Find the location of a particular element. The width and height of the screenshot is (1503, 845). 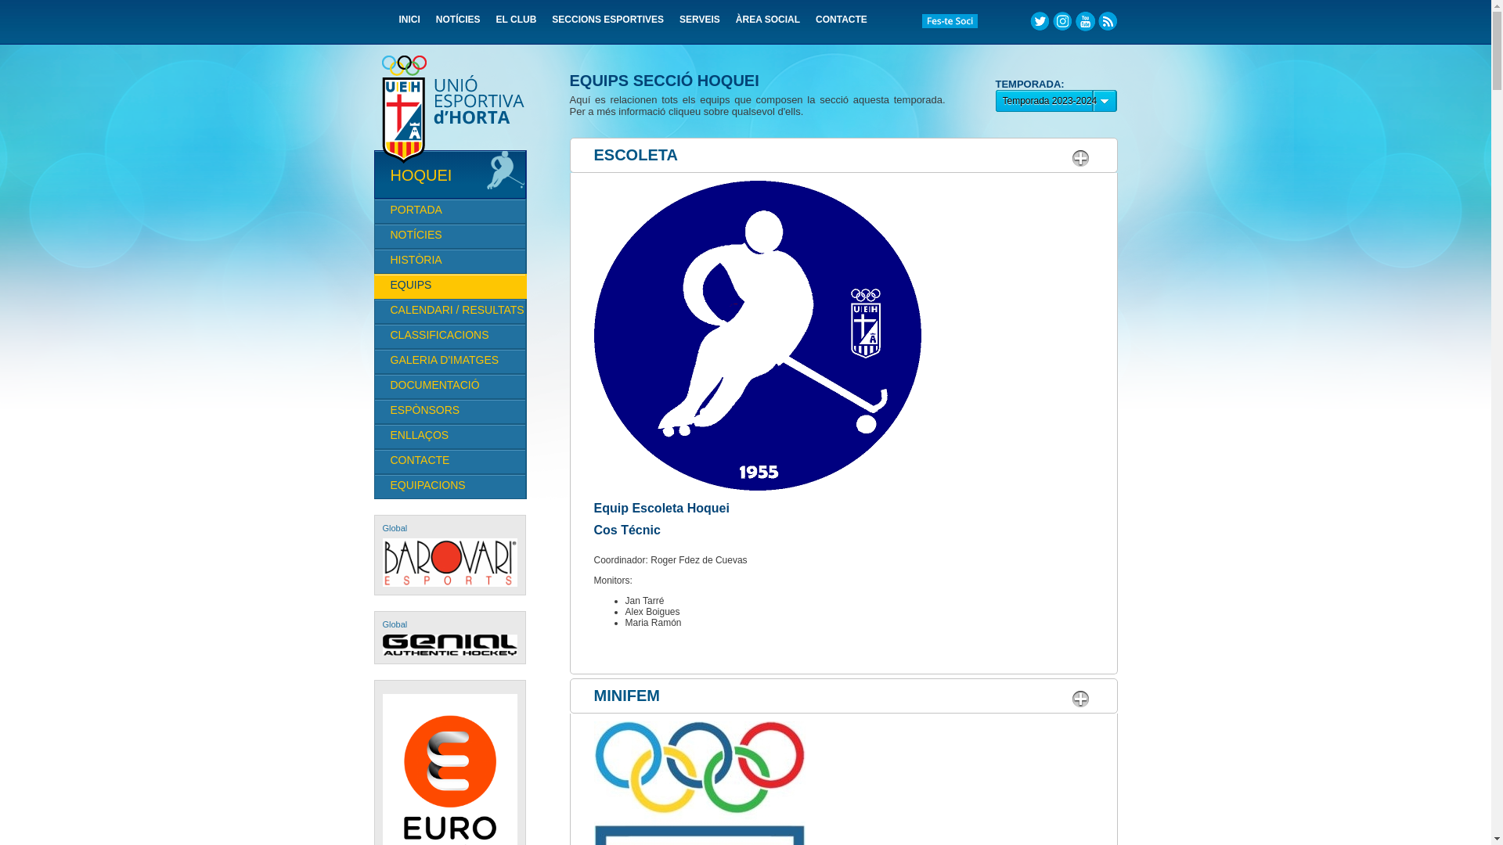

'CONTACTE' is located at coordinates (449, 461).